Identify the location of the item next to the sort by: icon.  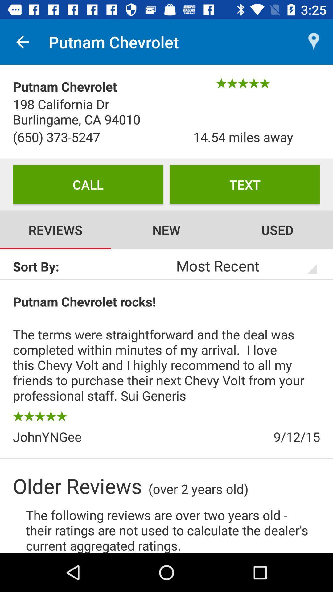
(238, 265).